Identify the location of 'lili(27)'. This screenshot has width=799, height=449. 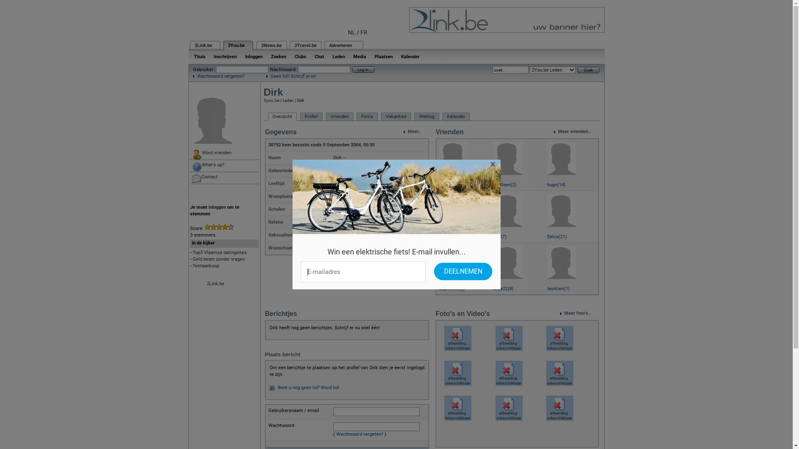
(493, 237).